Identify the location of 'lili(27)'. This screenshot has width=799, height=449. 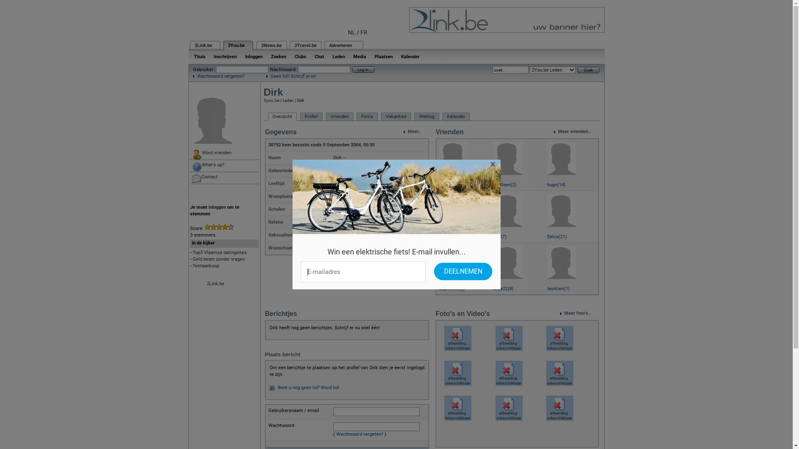
(493, 237).